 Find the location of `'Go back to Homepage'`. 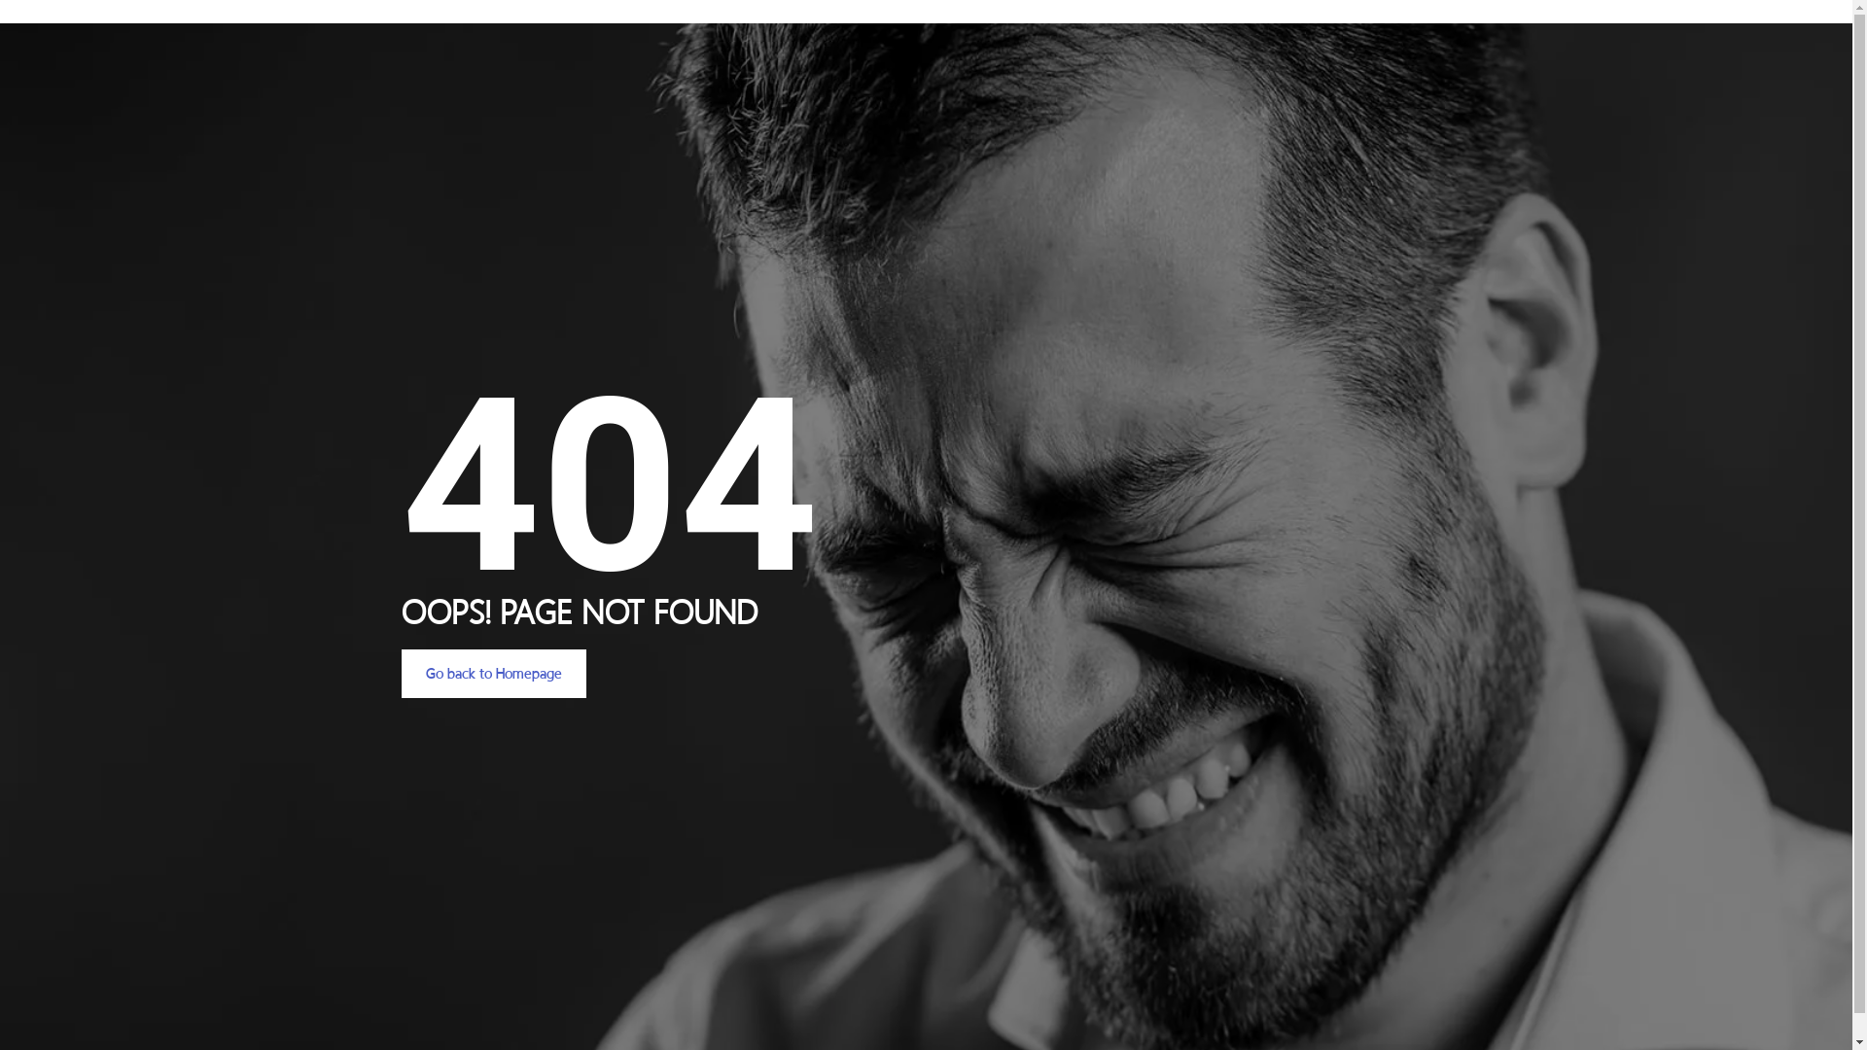

'Go back to Homepage' is located at coordinates (493, 673).